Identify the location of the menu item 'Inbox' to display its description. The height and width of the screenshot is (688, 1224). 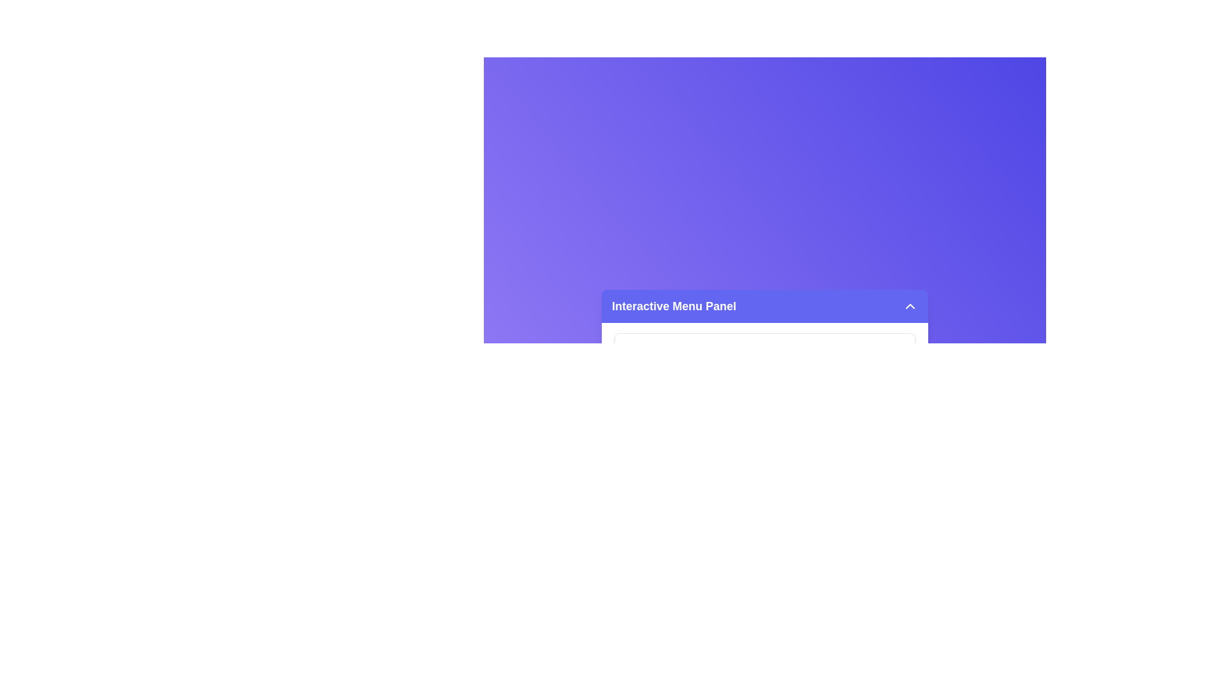
(694, 351).